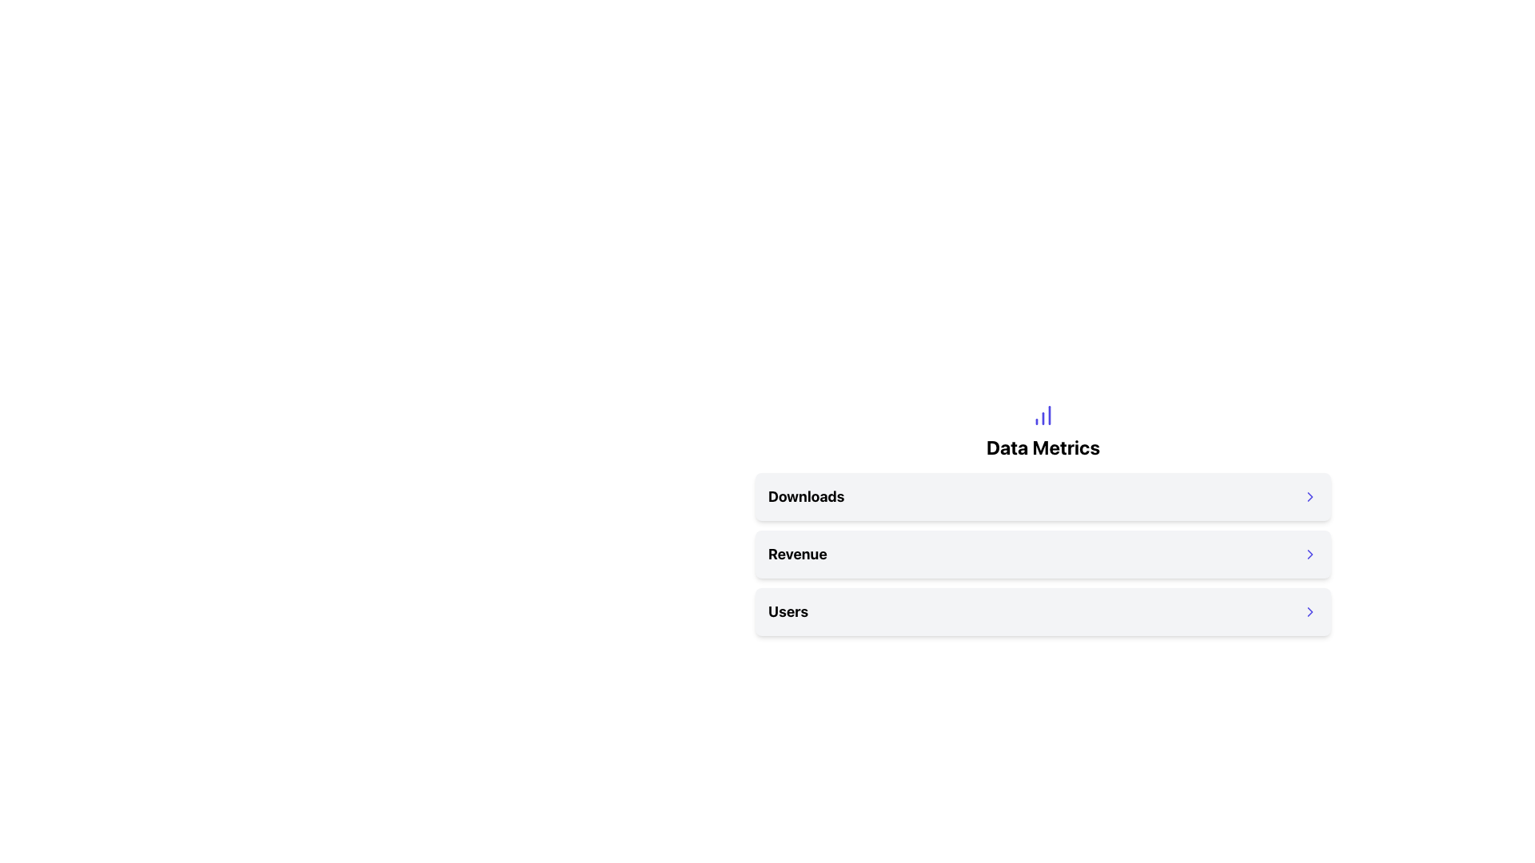 The height and width of the screenshot is (863, 1535). Describe the element at coordinates (1043, 495) in the screenshot. I see `the first informational button in the 'Data Metrics' section` at that location.